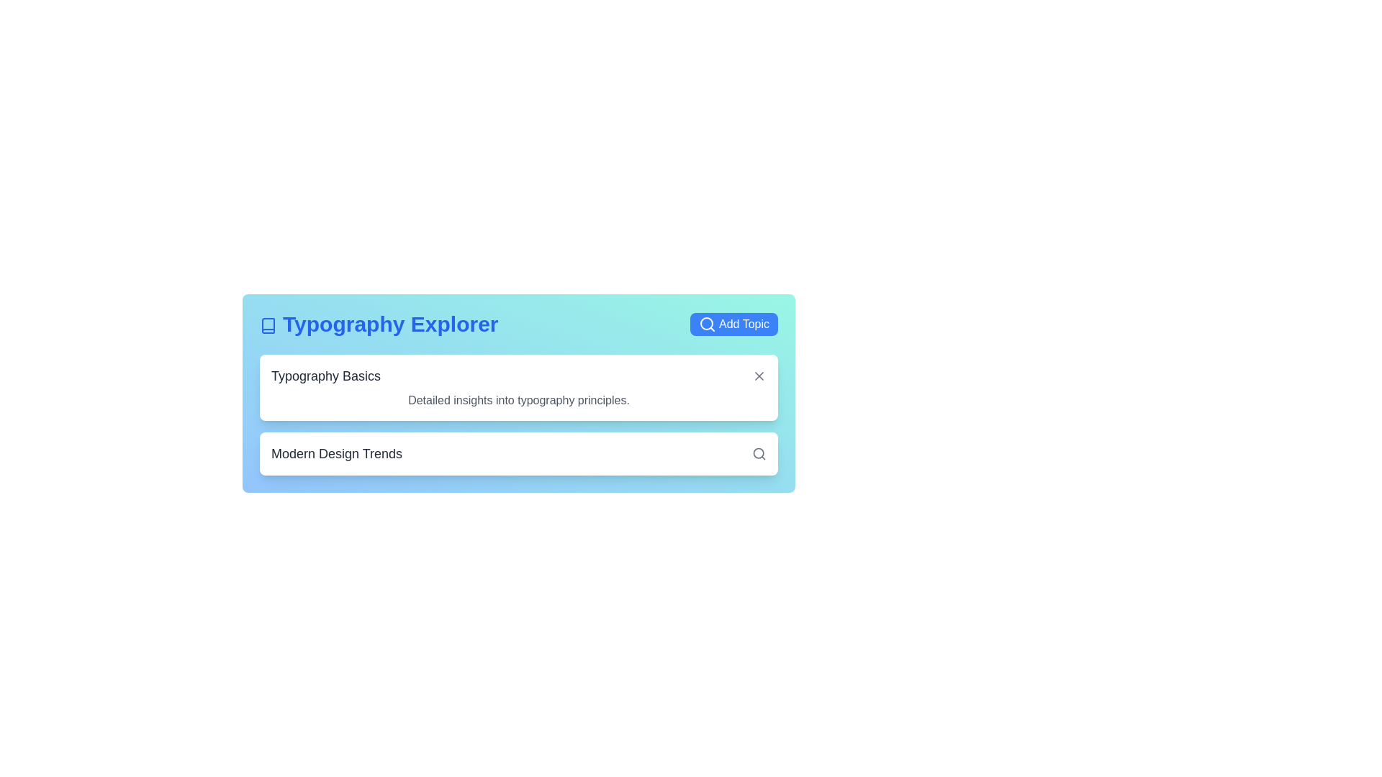  Describe the element at coordinates (759, 454) in the screenshot. I see `the interactive search icon represented by a magnifying glass symbol, which is styled in gray and located to the right of the 'Modern Design Trends' text, to change its color` at that location.